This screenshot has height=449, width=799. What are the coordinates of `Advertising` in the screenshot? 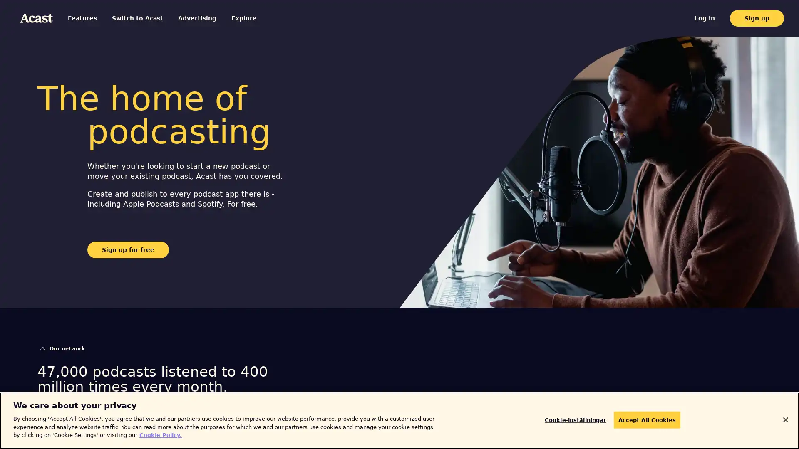 It's located at (179, 18).